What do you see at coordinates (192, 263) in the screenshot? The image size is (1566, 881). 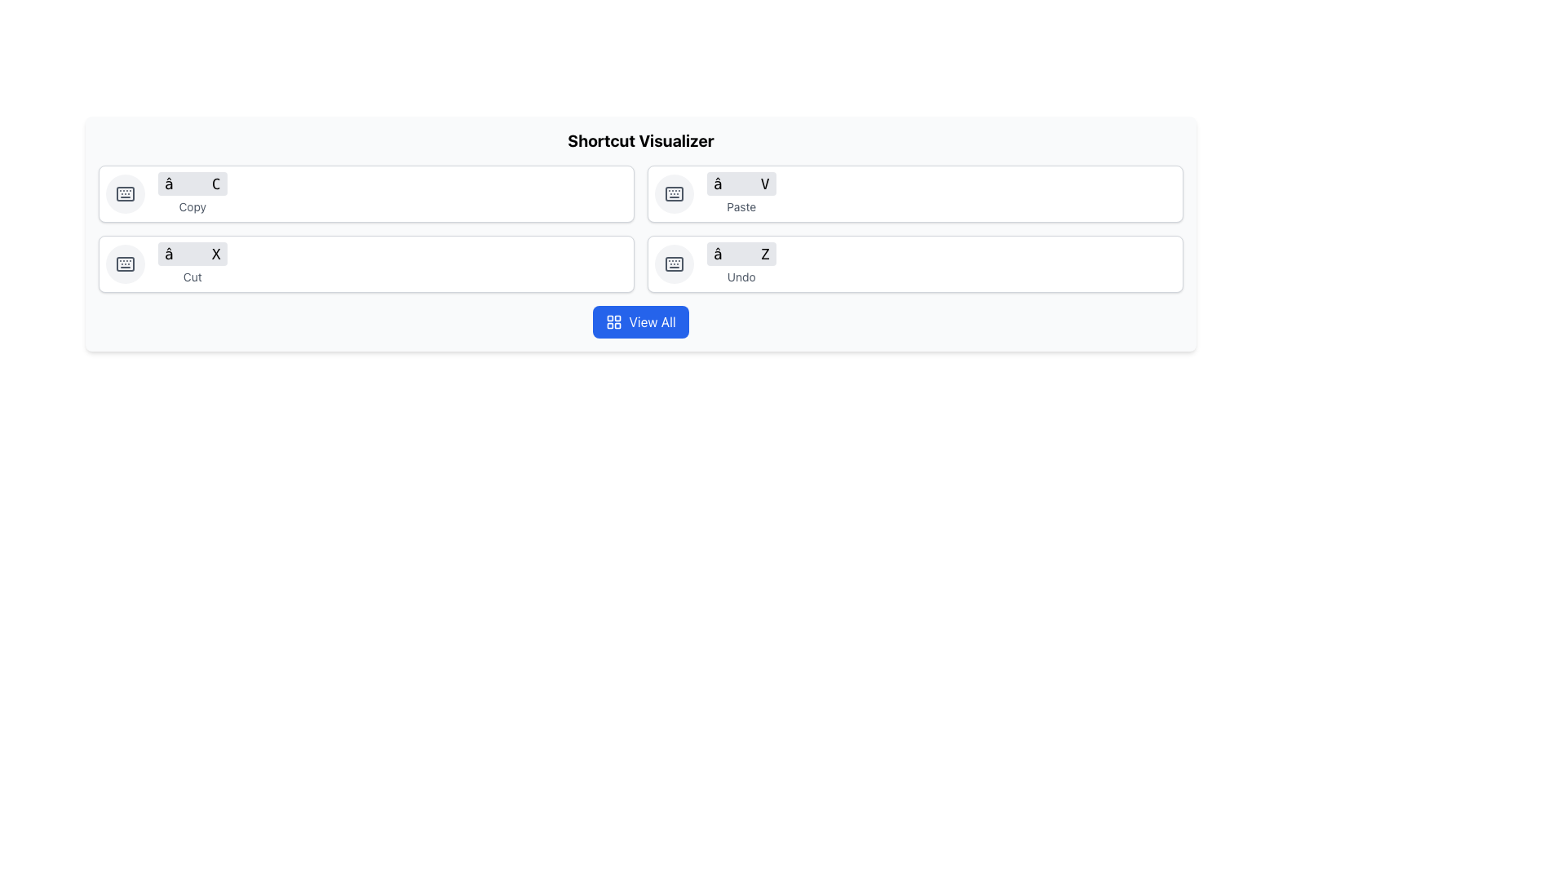 I see `the Shortcut visual display for 'Cut' with the shortcut sequence 'â⌘ X'` at bounding box center [192, 263].